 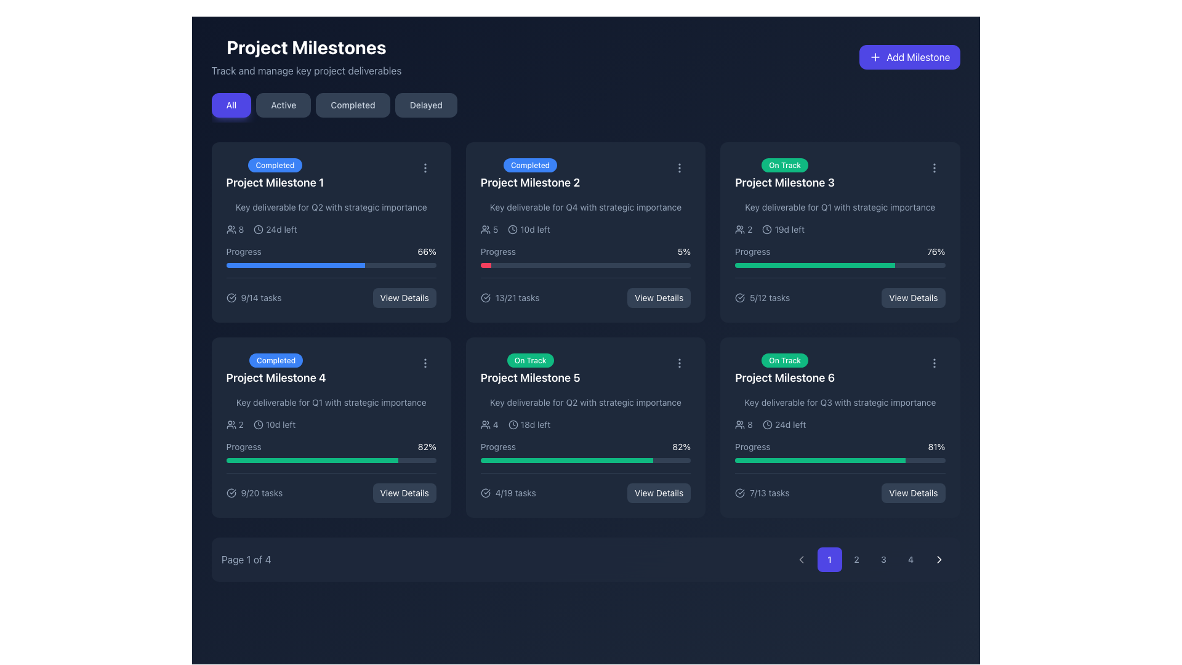 I want to click on the progress bar with textual indicators located within the 'Project Milestone 1' card, positioned below the '24d left' text and above the '9/14 tasks' section, so click(x=331, y=256).